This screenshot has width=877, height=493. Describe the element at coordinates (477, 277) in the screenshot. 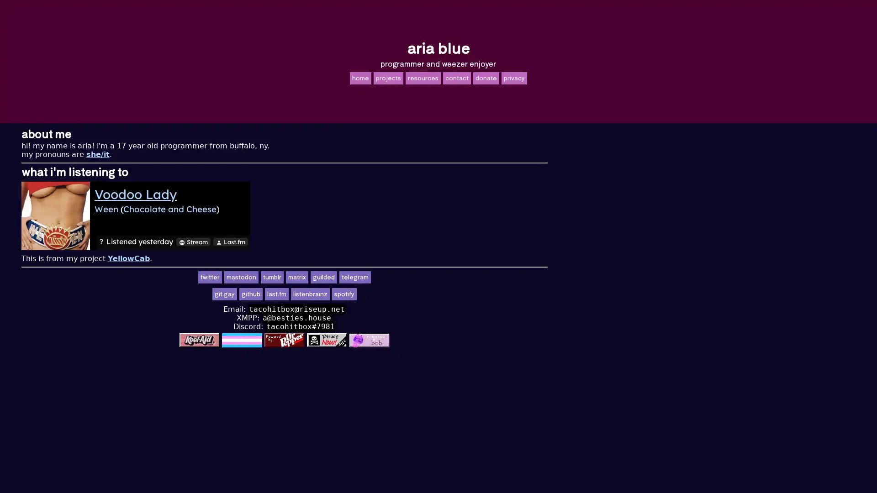

I see `guilded` at that location.